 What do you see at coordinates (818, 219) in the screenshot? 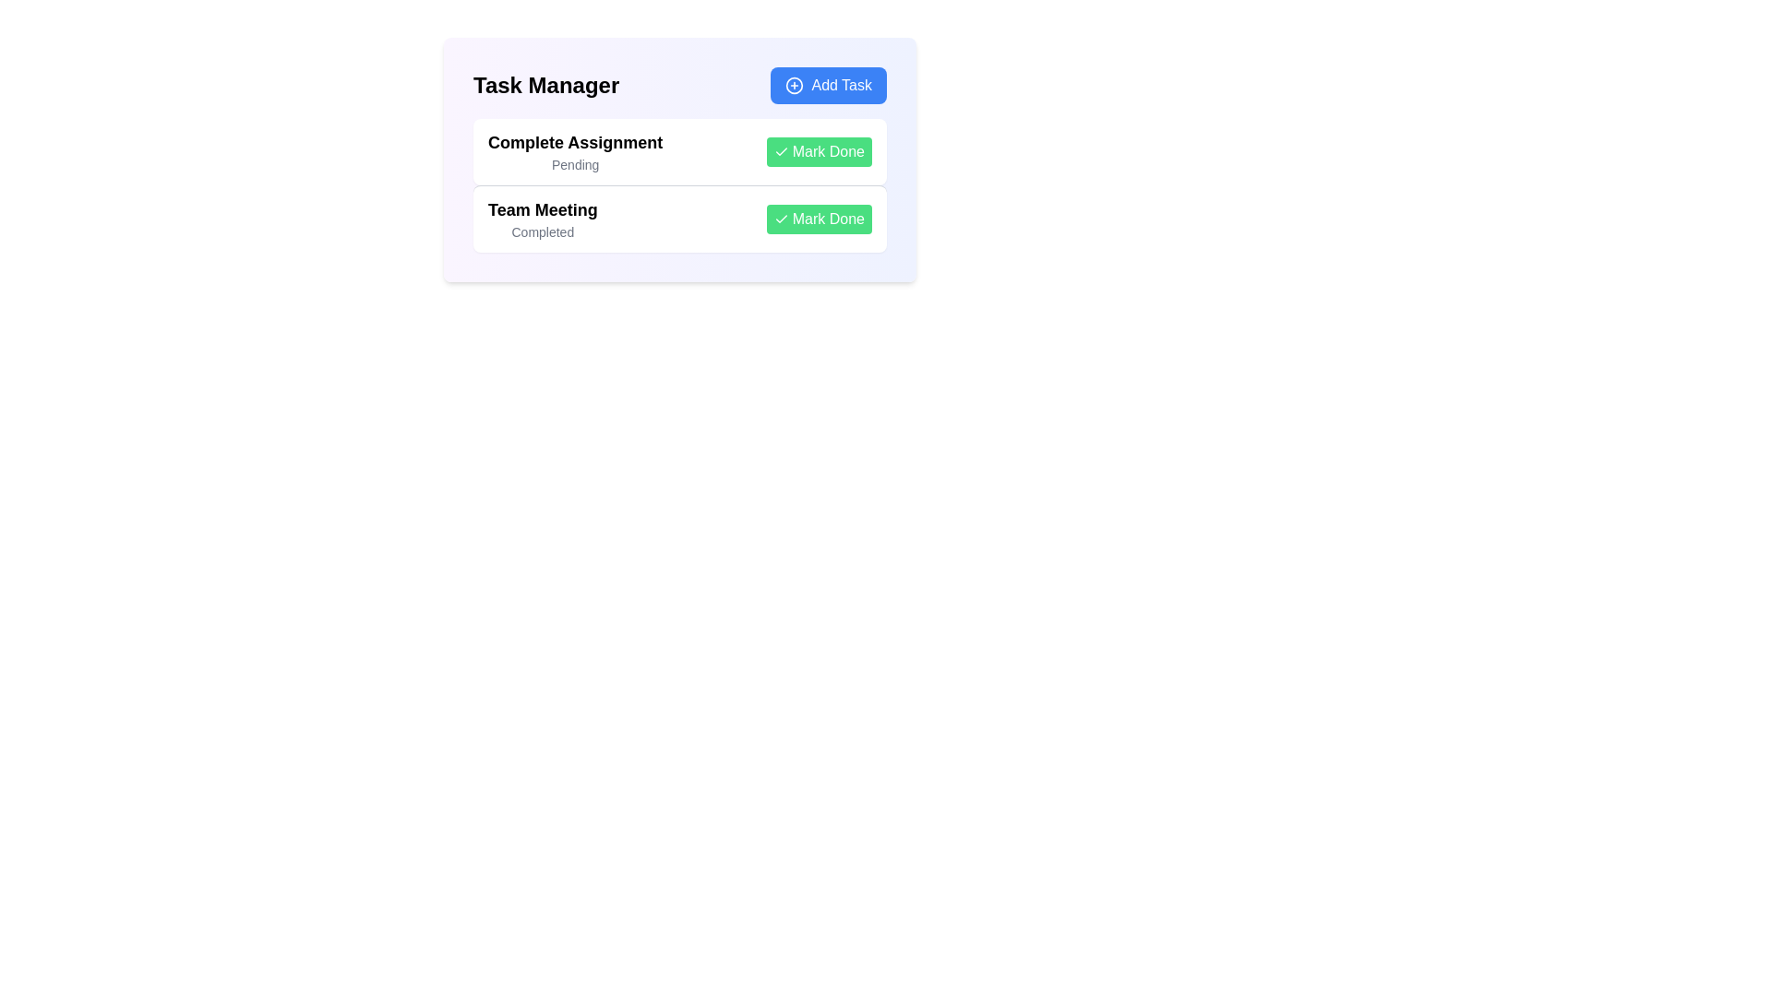
I see `'Mark Done' button for the task 'Team Meeting'` at bounding box center [818, 219].